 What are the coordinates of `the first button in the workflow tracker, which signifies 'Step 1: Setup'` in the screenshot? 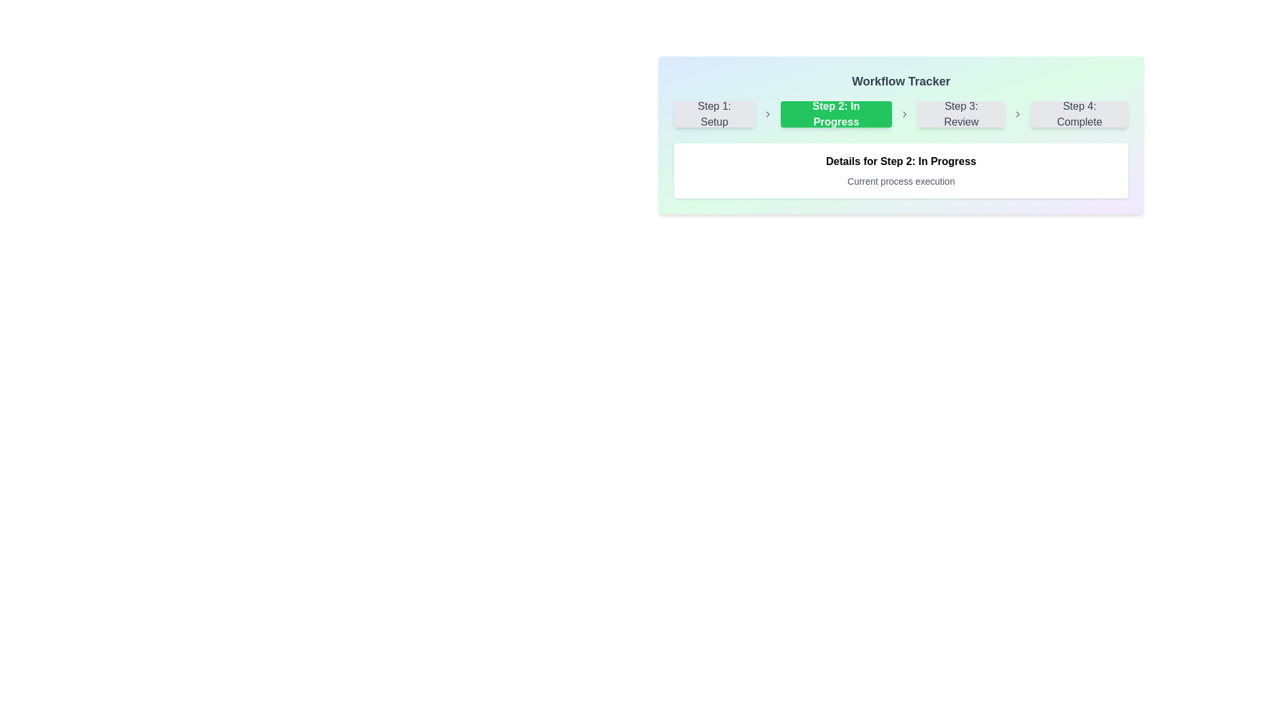 It's located at (714, 113).